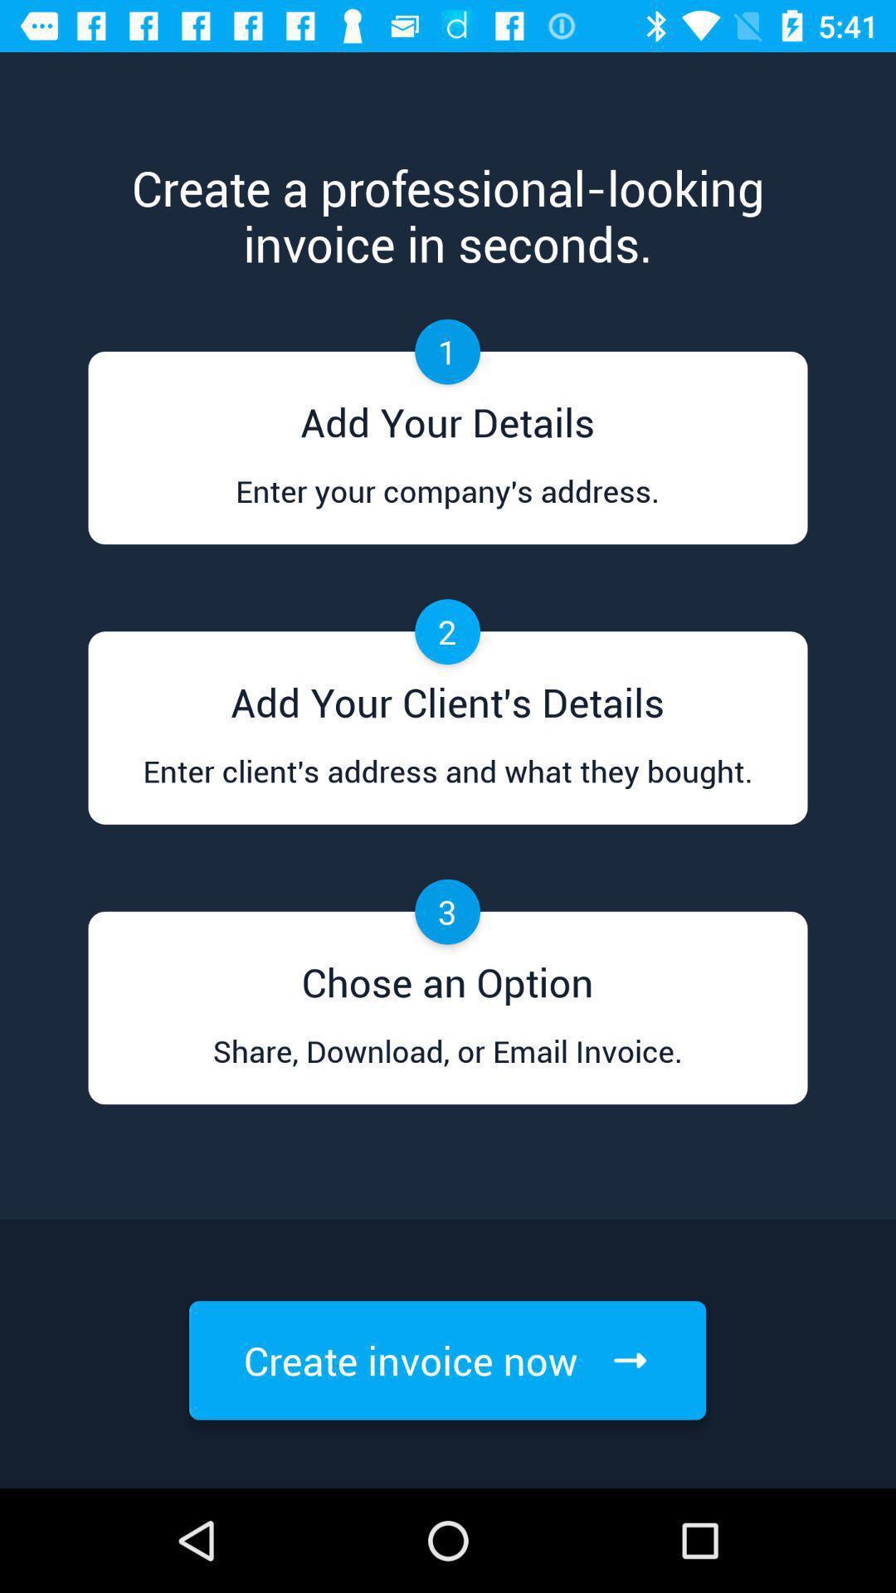 The width and height of the screenshot is (896, 1593). I want to click on the article titled enter clients  address and what they bought, so click(448, 787).